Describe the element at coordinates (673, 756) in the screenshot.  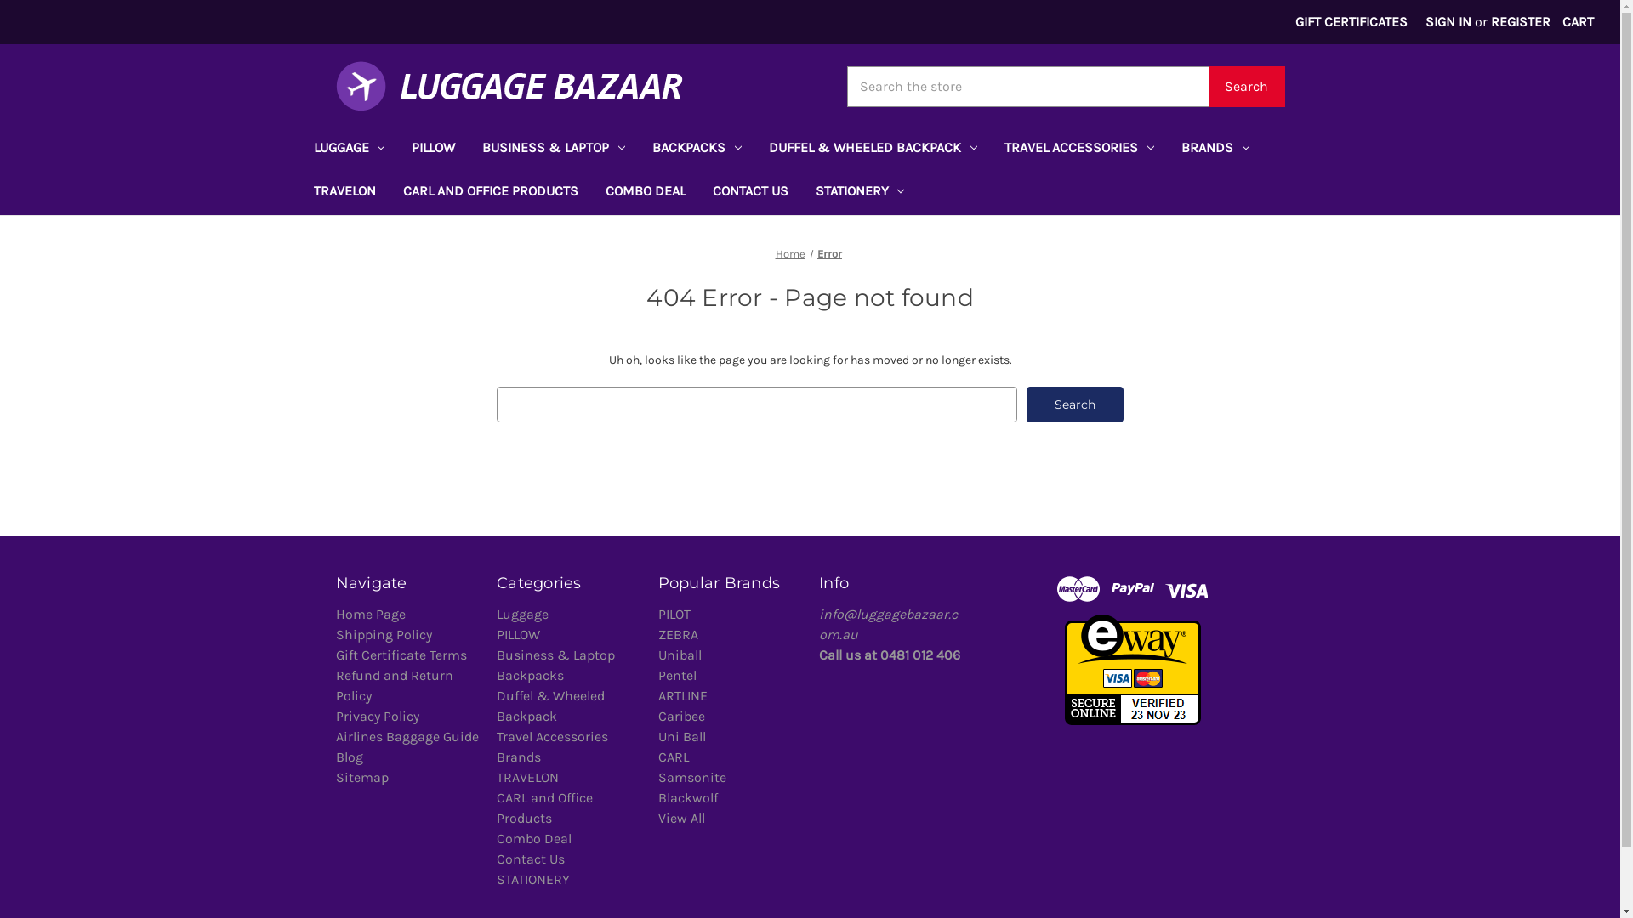
I see `'CARL'` at that location.